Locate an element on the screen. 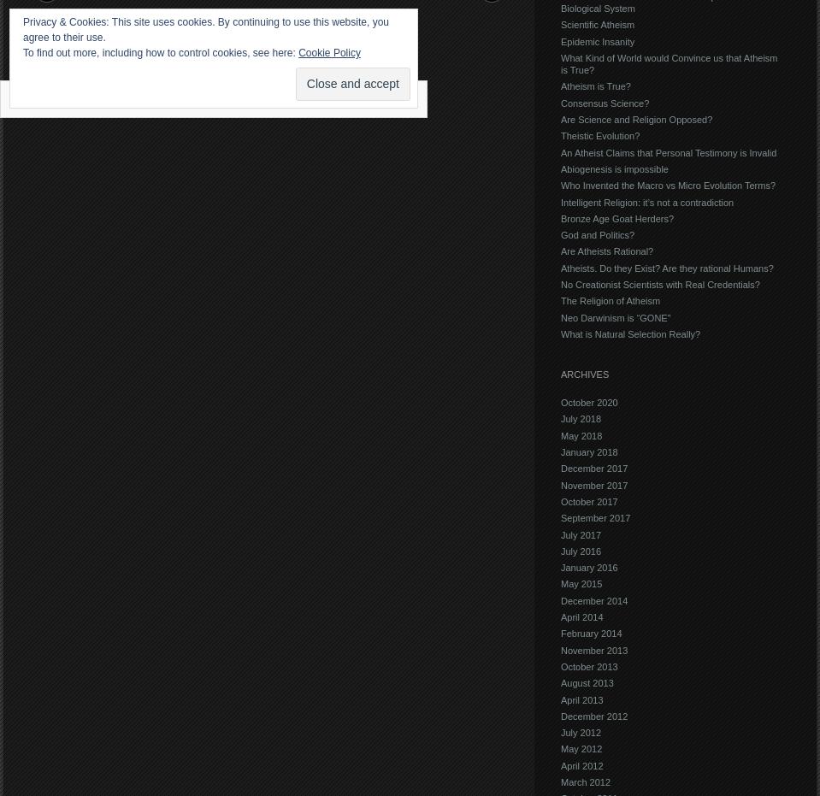 The width and height of the screenshot is (820, 796). 'To find out more, including how to control cookies, see here:' is located at coordinates (159, 52).